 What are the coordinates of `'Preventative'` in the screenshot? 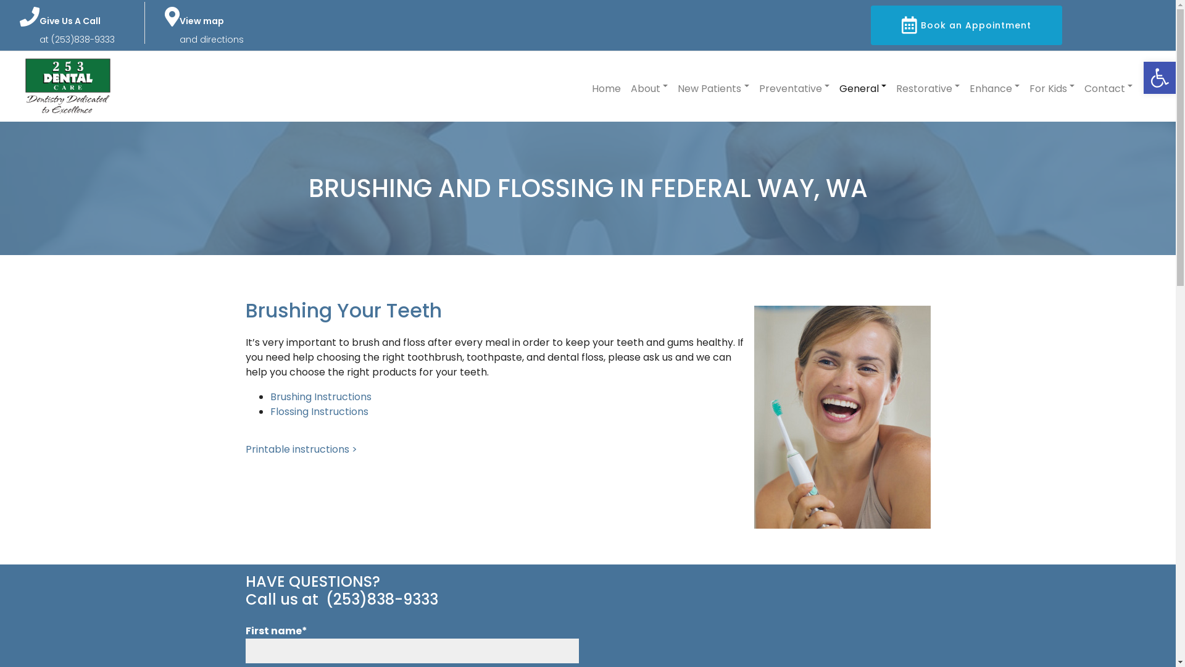 It's located at (794, 85).